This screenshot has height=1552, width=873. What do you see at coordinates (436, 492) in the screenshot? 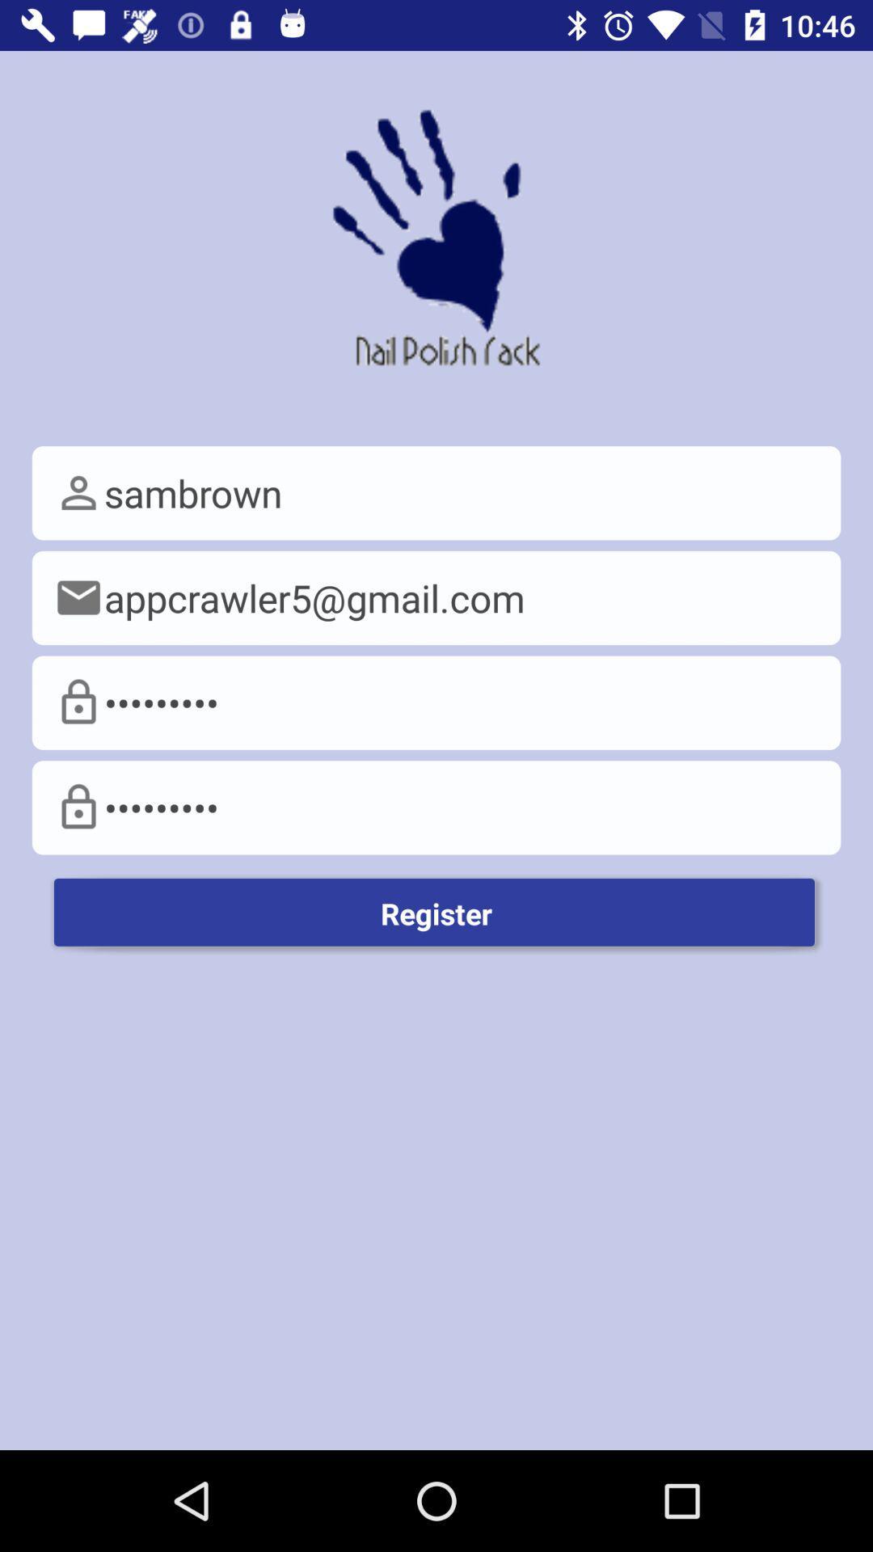
I see `the item above the appcrawler5@gmail.com icon` at bounding box center [436, 492].